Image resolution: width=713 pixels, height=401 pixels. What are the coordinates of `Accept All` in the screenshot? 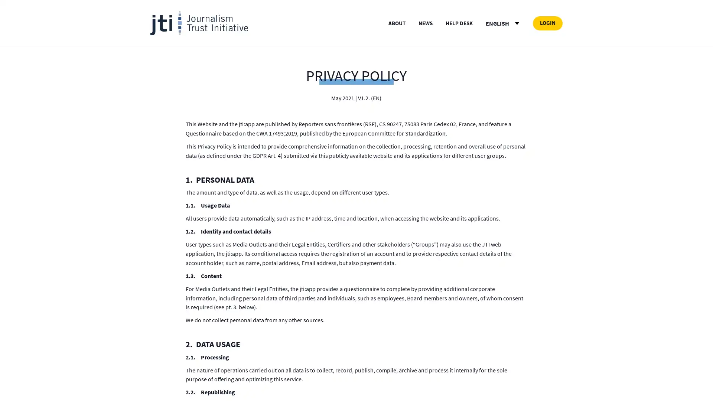 It's located at (429, 243).